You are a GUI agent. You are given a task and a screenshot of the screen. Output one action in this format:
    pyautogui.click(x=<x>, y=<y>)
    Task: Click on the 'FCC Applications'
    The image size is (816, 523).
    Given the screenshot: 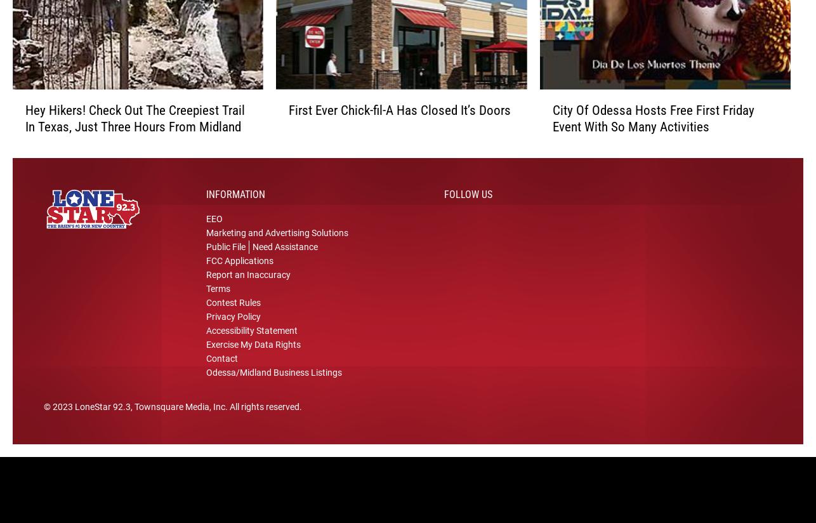 What is the action you would take?
    pyautogui.click(x=239, y=270)
    